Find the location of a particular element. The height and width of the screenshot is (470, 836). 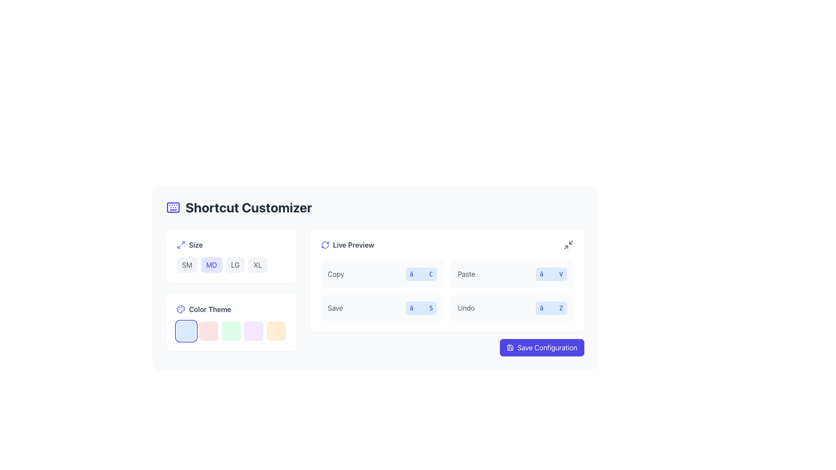

shortcut information from the 'Paste' button-like UI element that indicates the paste operation with the shortcut ⌘ V is located at coordinates (512, 273).